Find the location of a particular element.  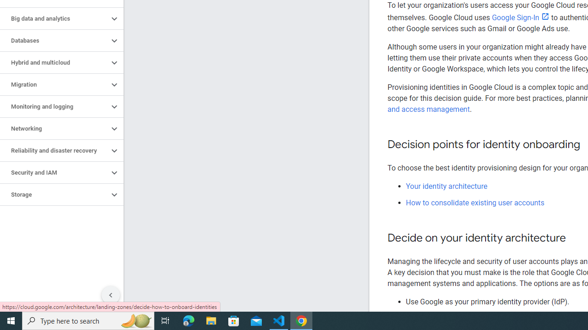

'Google Sign-In' is located at coordinates (520, 17).